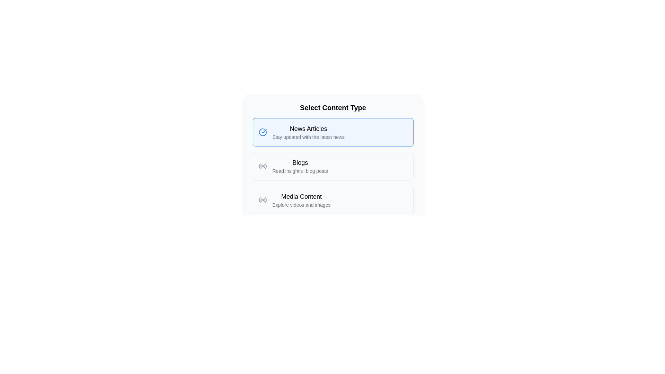  What do you see at coordinates (308, 137) in the screenshot?
I see `the descriptive text providing additional details about the 'News Articles' option, which is located directly below the 'News Articles' heading` at bounding box center [308, 137].